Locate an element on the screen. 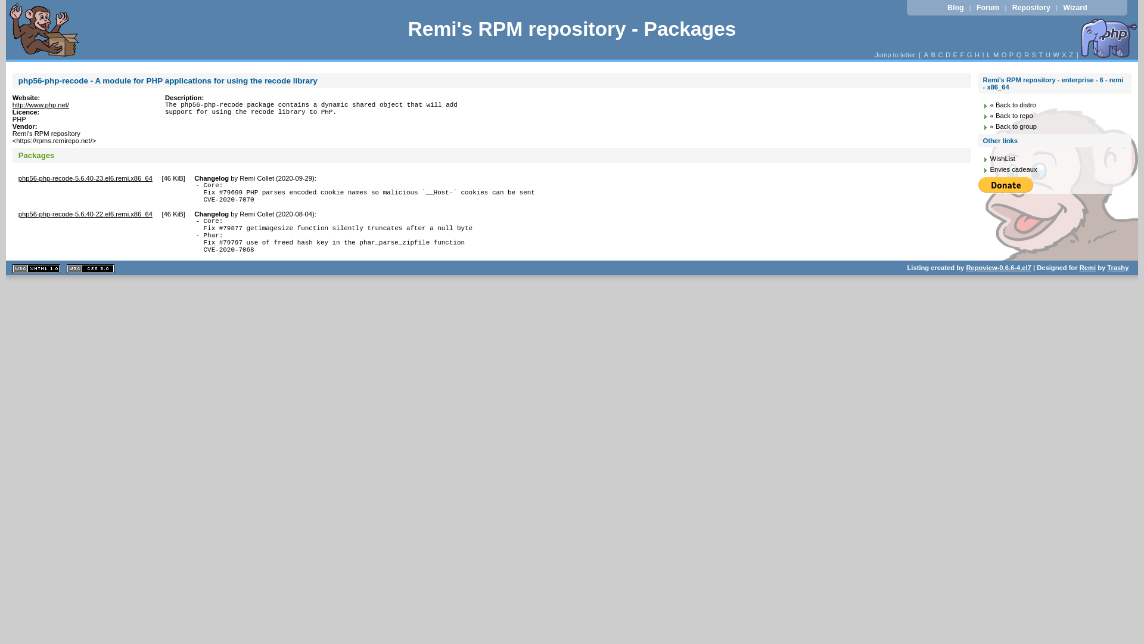  'R' is located at coordinates (1022, 55).